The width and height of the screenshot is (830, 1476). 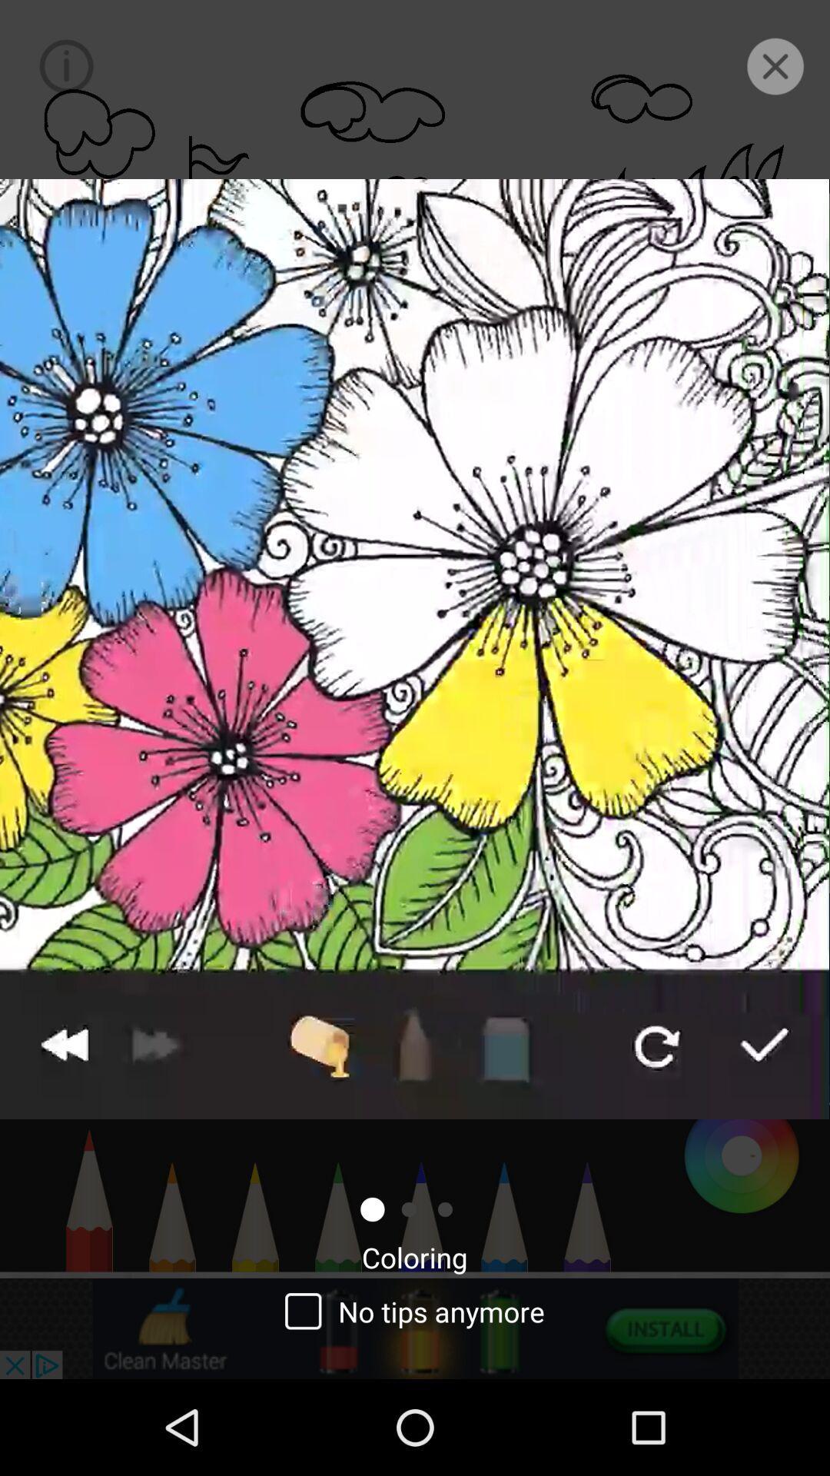 I want to click on the page option, so click(x=775, y=65).